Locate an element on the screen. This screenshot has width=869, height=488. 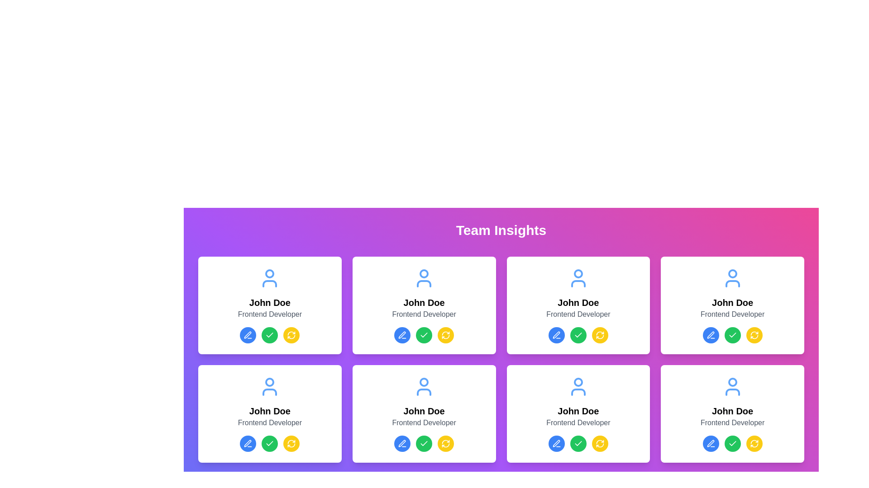
the lower component of the person icon located in the center card of the bottom row in the grid layout is located at coordinates (424, 391).